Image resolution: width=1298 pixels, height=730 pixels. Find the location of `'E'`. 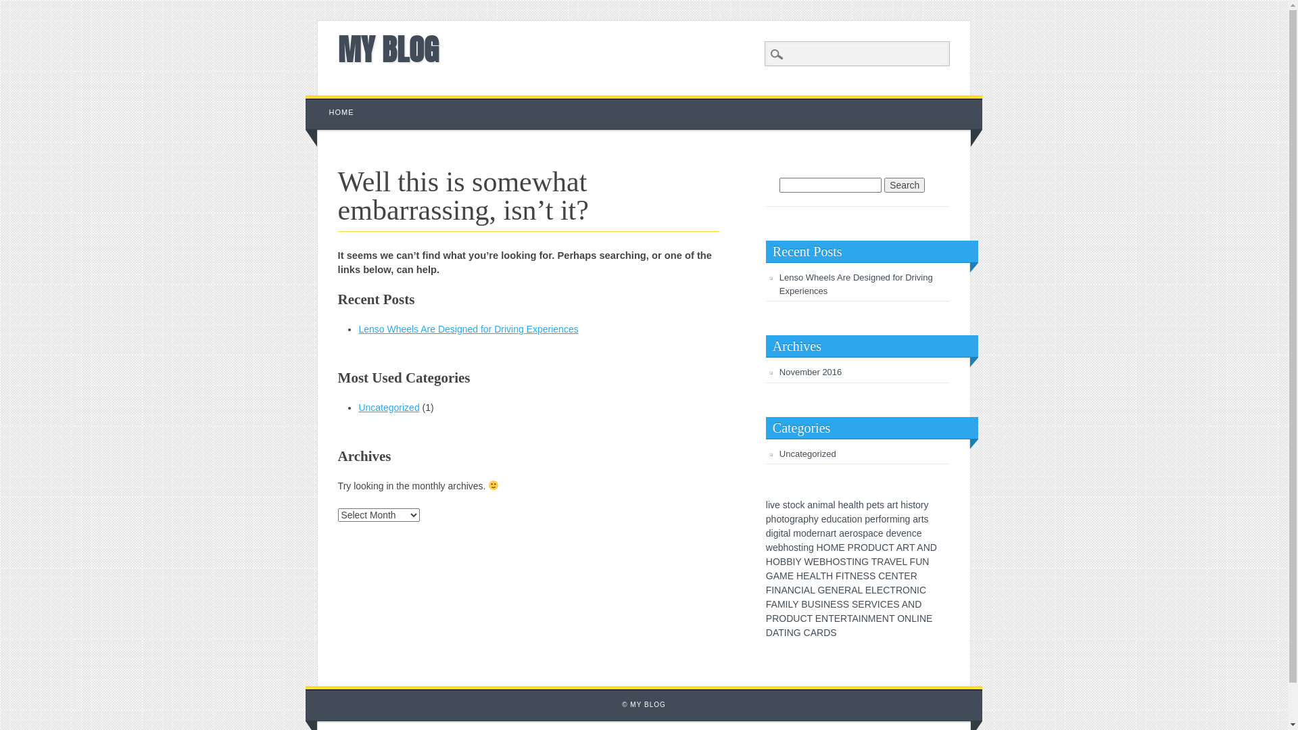

'E' is located at coordinates (836, 618).